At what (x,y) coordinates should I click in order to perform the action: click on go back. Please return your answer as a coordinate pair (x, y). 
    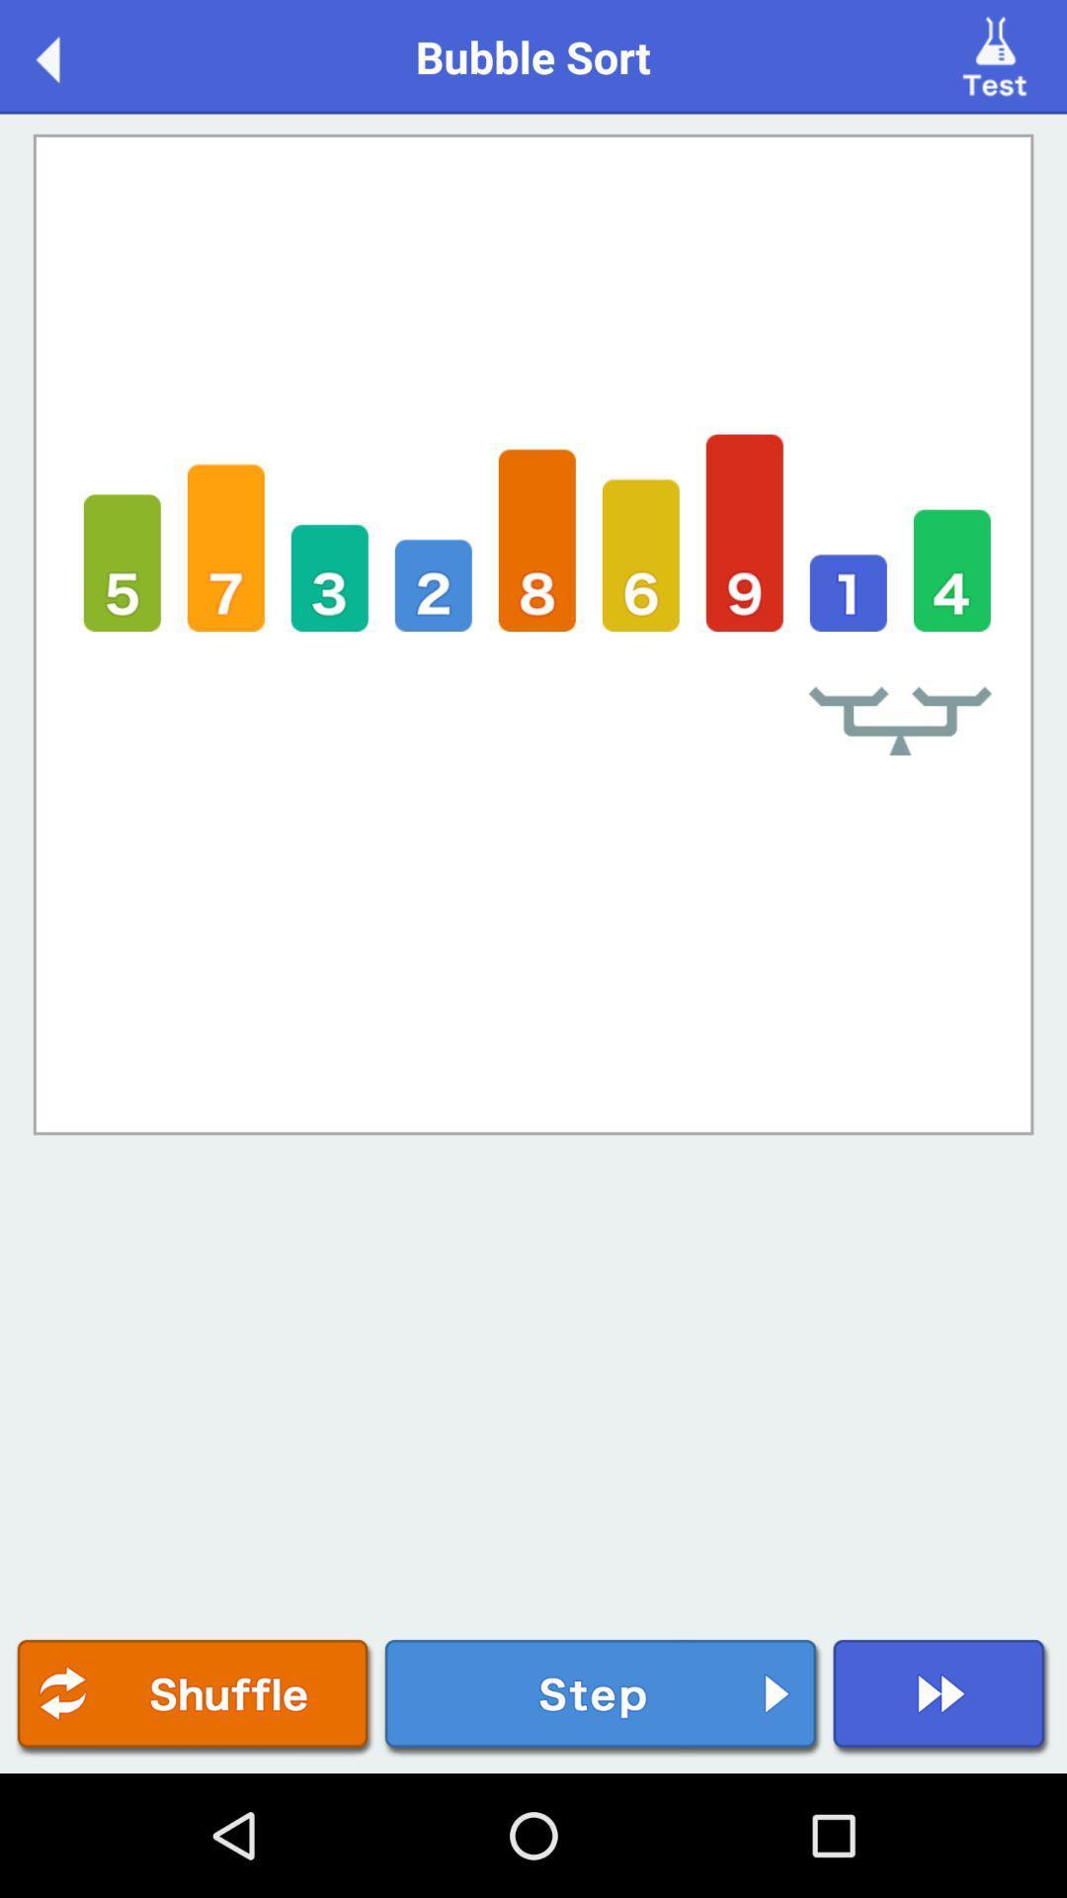
    Looking at the image, I should click on (67, 55).